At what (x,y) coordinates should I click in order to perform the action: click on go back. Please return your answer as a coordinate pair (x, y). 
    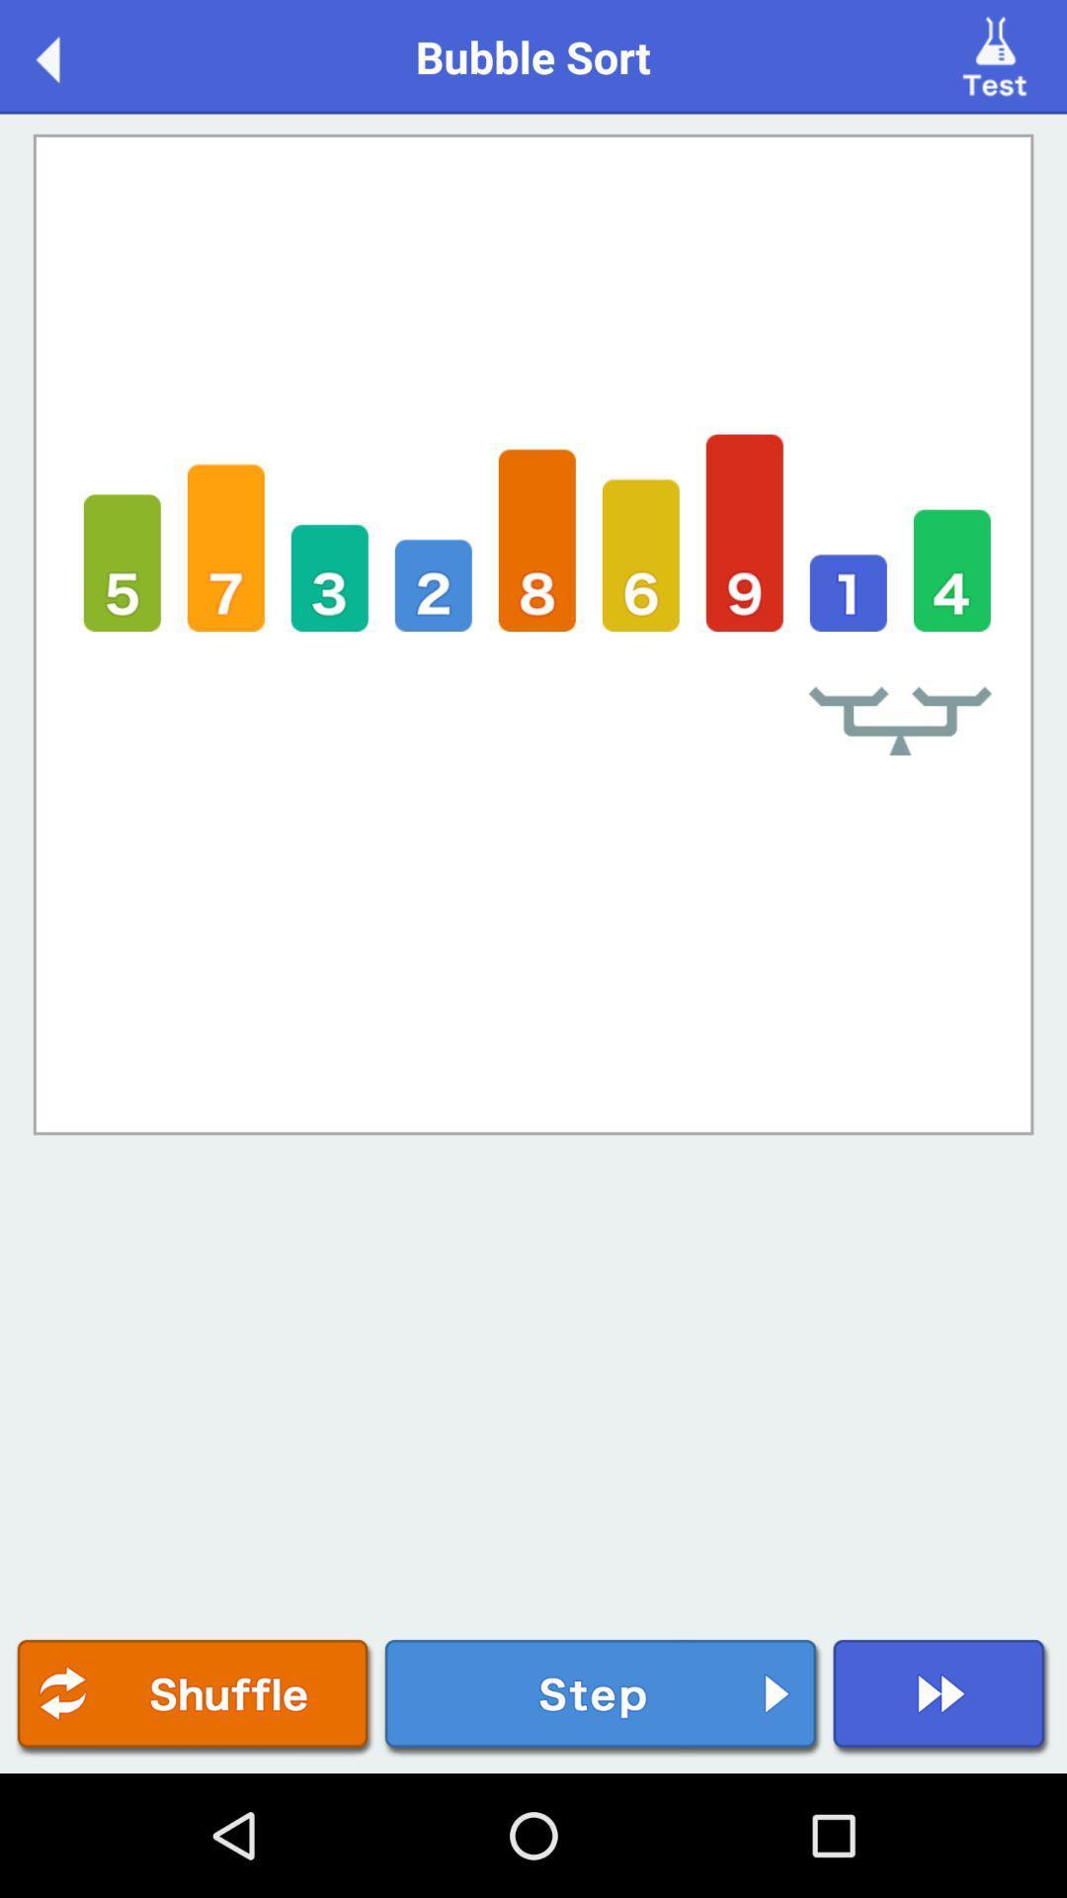
    Looking at the image, I should click on (67, 55).